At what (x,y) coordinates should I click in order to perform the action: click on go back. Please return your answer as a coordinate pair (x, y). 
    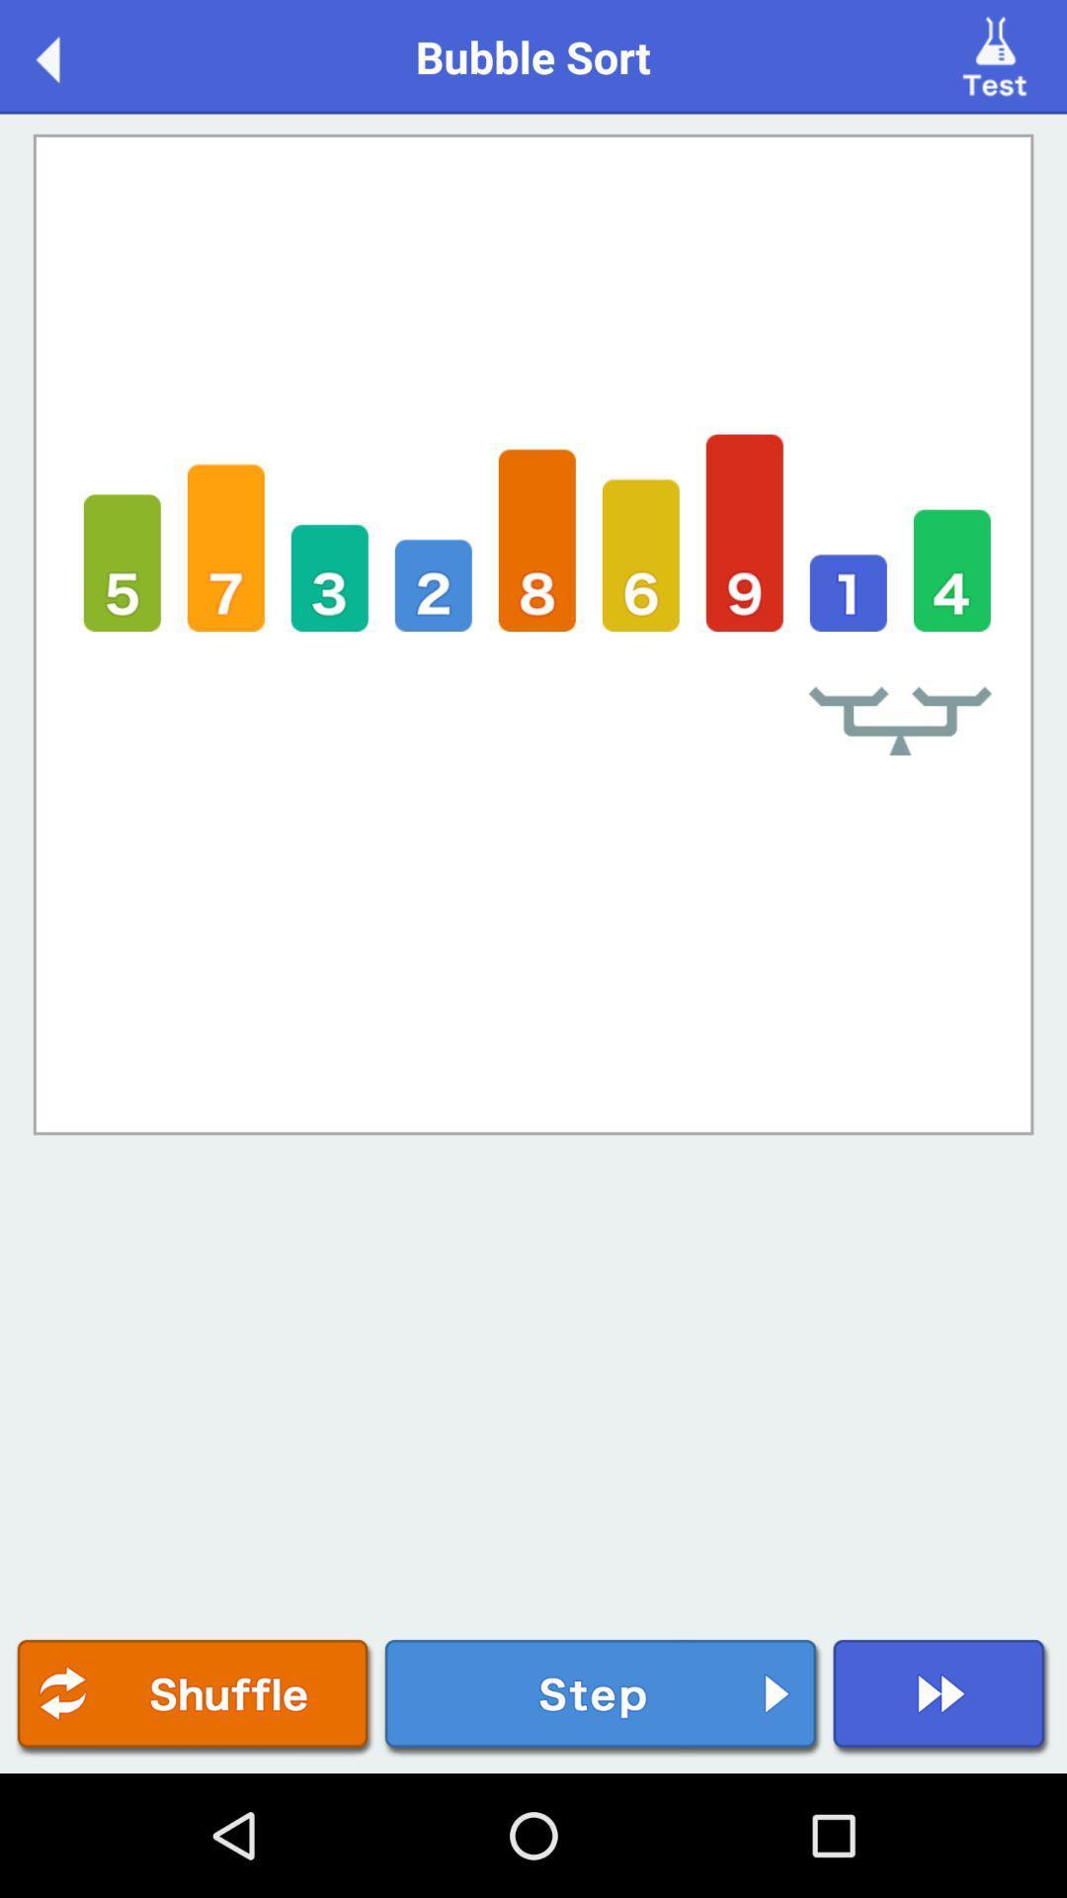
    Looking at the image, I should click on (67, 55).